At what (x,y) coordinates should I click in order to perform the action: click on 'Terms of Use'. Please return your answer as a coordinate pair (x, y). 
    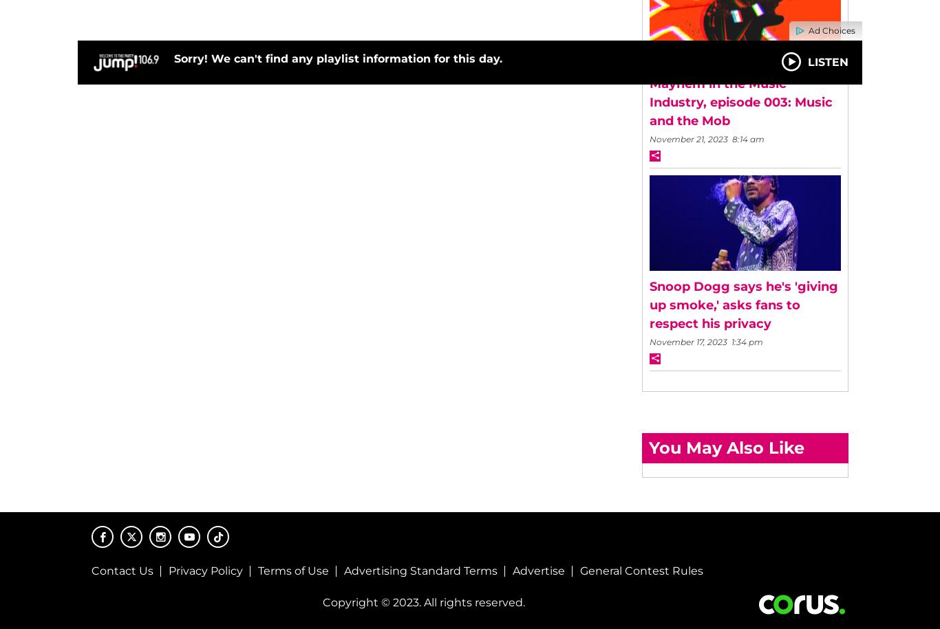
    Looking at the image, I should click on (257, 571).